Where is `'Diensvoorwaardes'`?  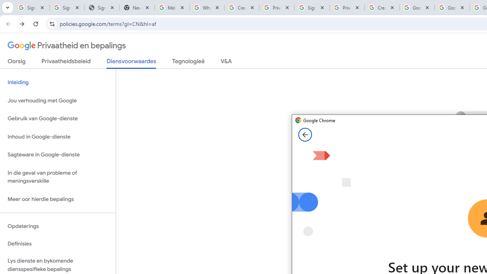 'Diensvoorwaardes' is located at coordinates (131, 63).